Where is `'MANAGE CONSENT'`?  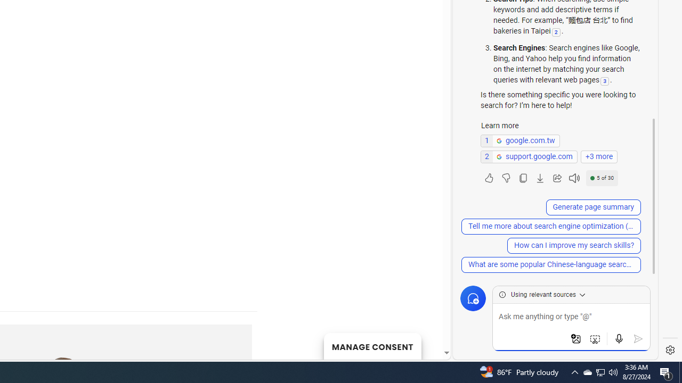
'MANAGE CONSENT' is located at coordinates (372, 346).